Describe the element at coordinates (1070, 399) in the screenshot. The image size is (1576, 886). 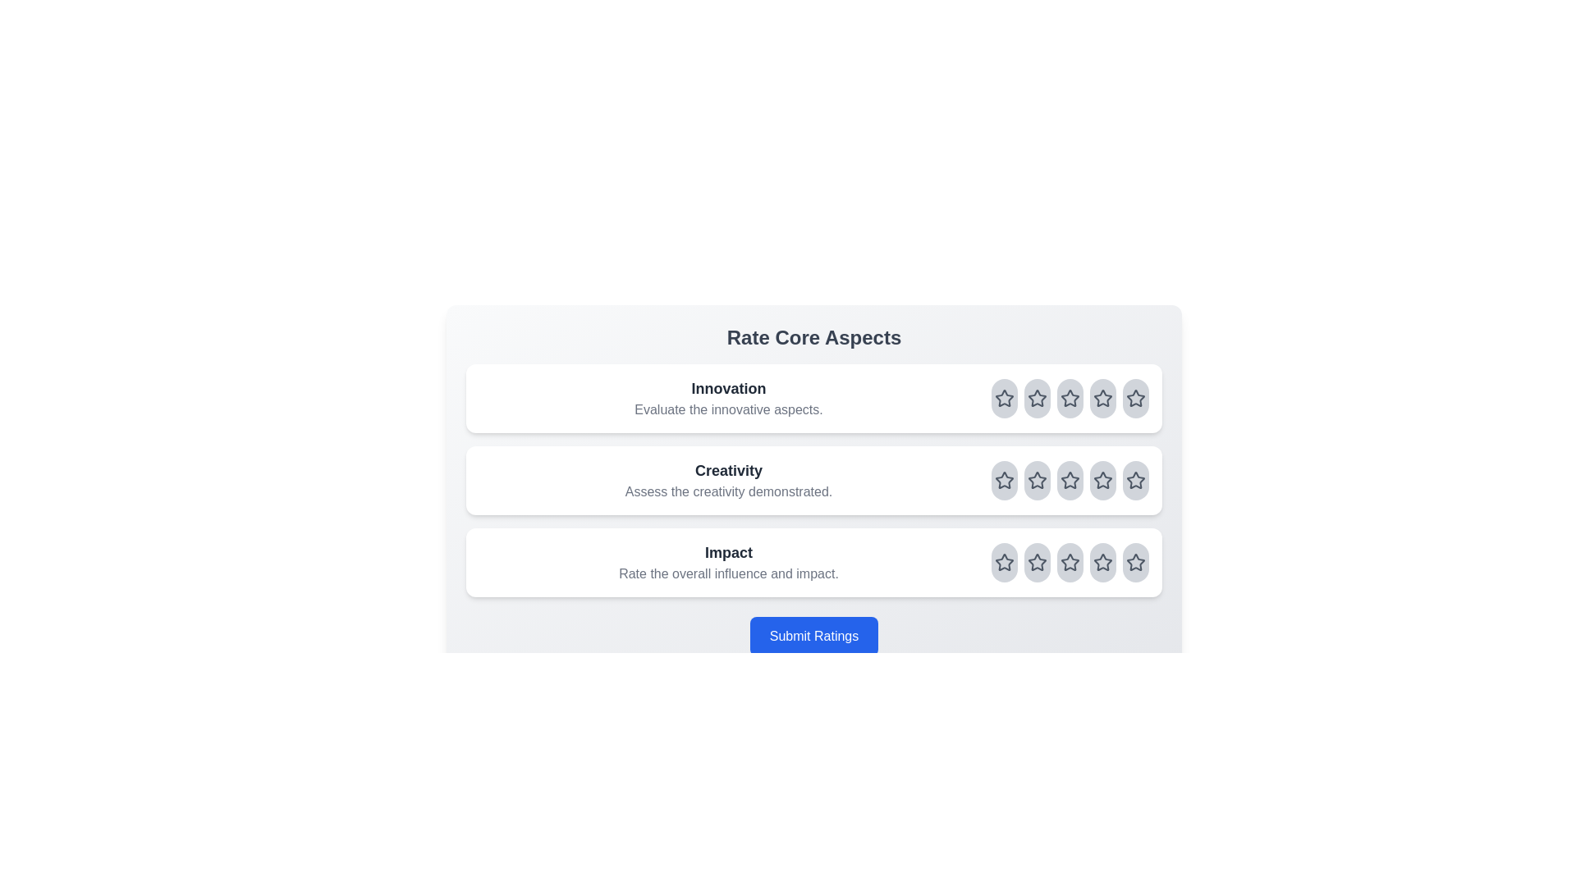
I see `the rating for the aspect Innovation to 3 stars by clicking on the corresponding star` at that location.